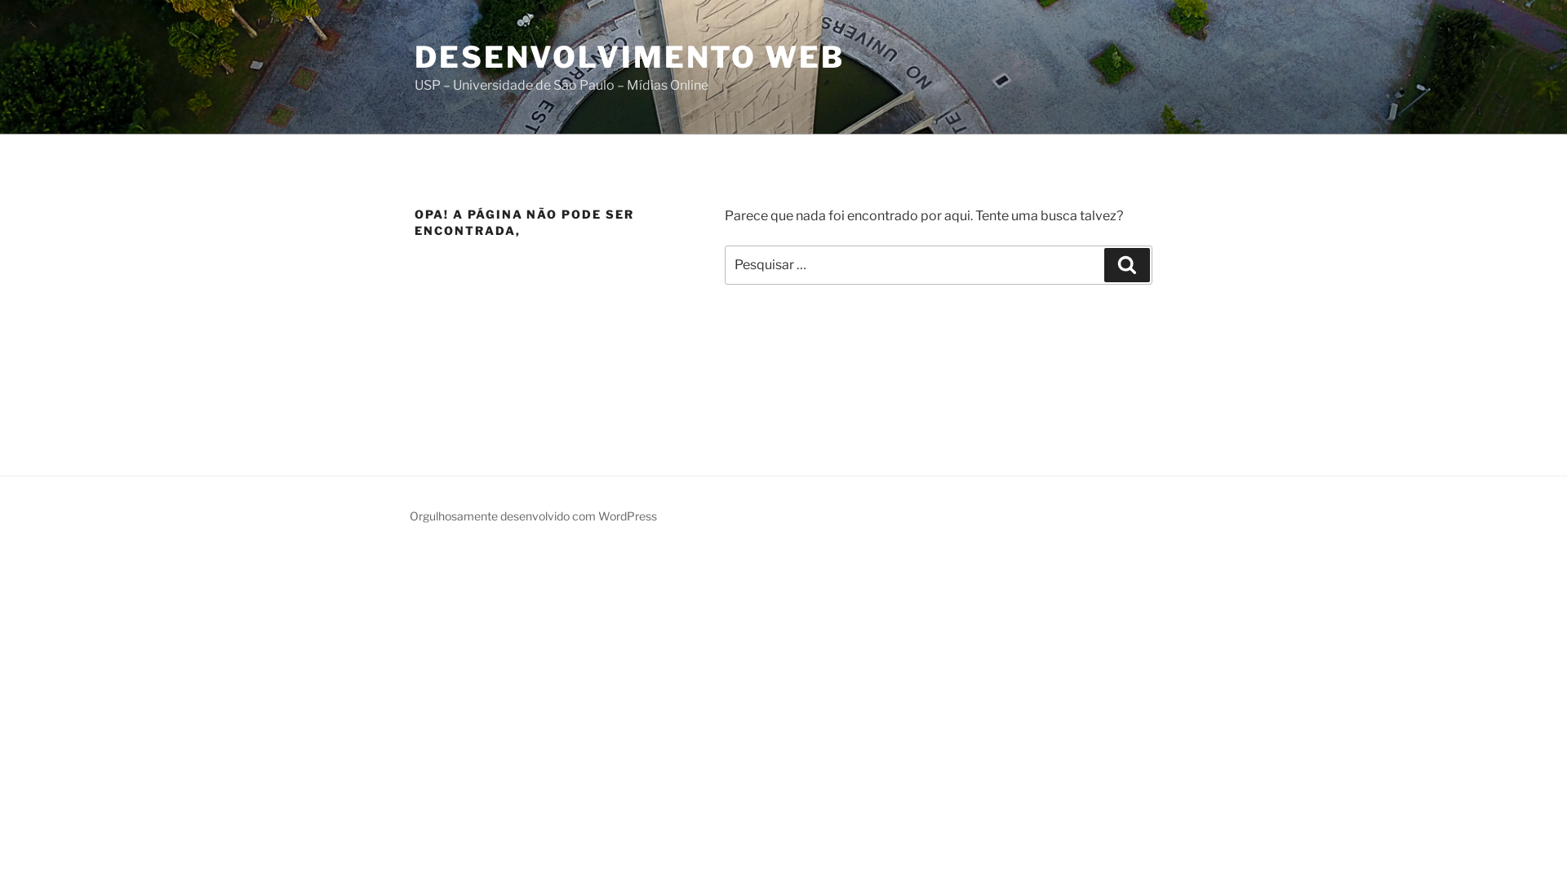  I want to click on 'Orgulhosamente desenvolvido com WordPress', so click(533, 516).